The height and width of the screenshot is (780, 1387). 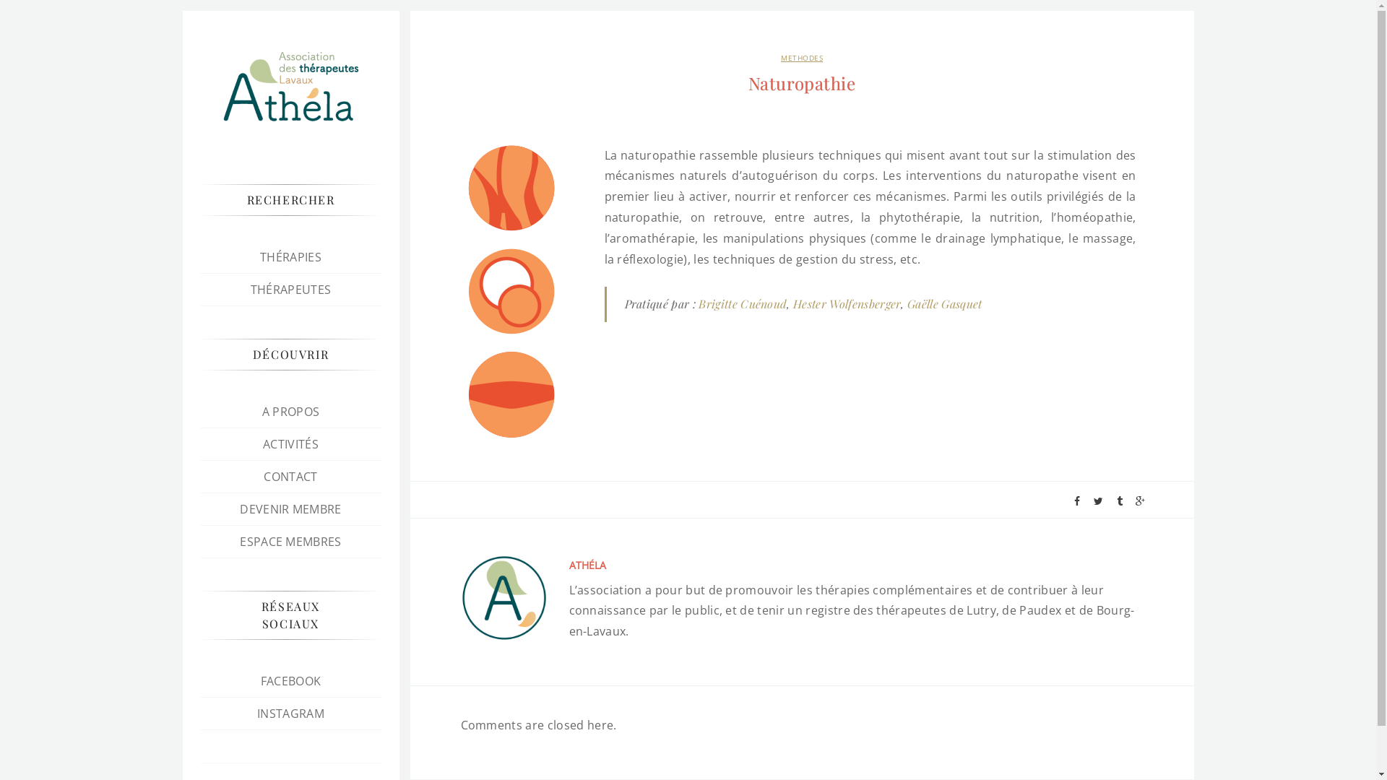 What do you see at coordinates (800, 57) in the screenshot?
I see `'METHODES'` at bounding box center [800, 57].